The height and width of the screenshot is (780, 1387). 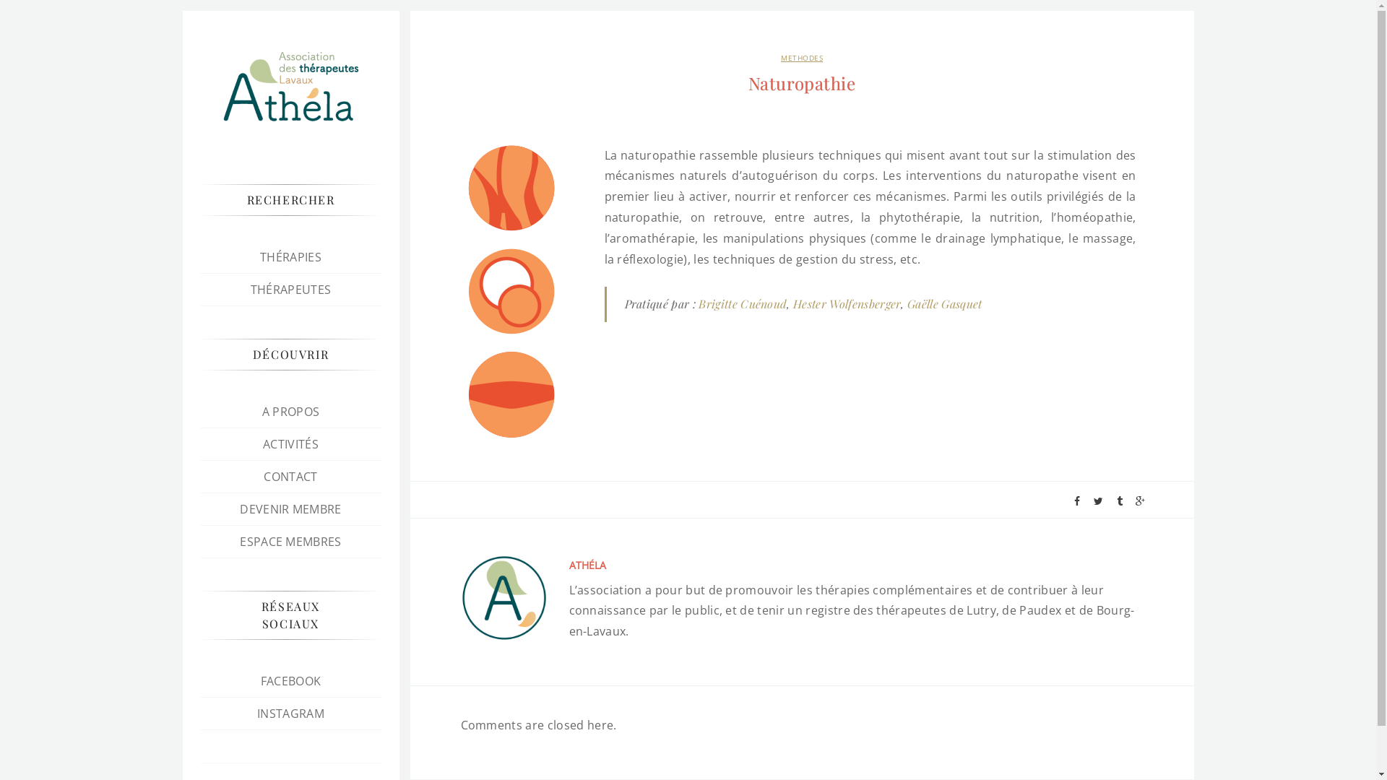 What do you see at coordinates (800, 57) in the screenshot?
I see `'METHODES'` at bounding box center [800, 57].